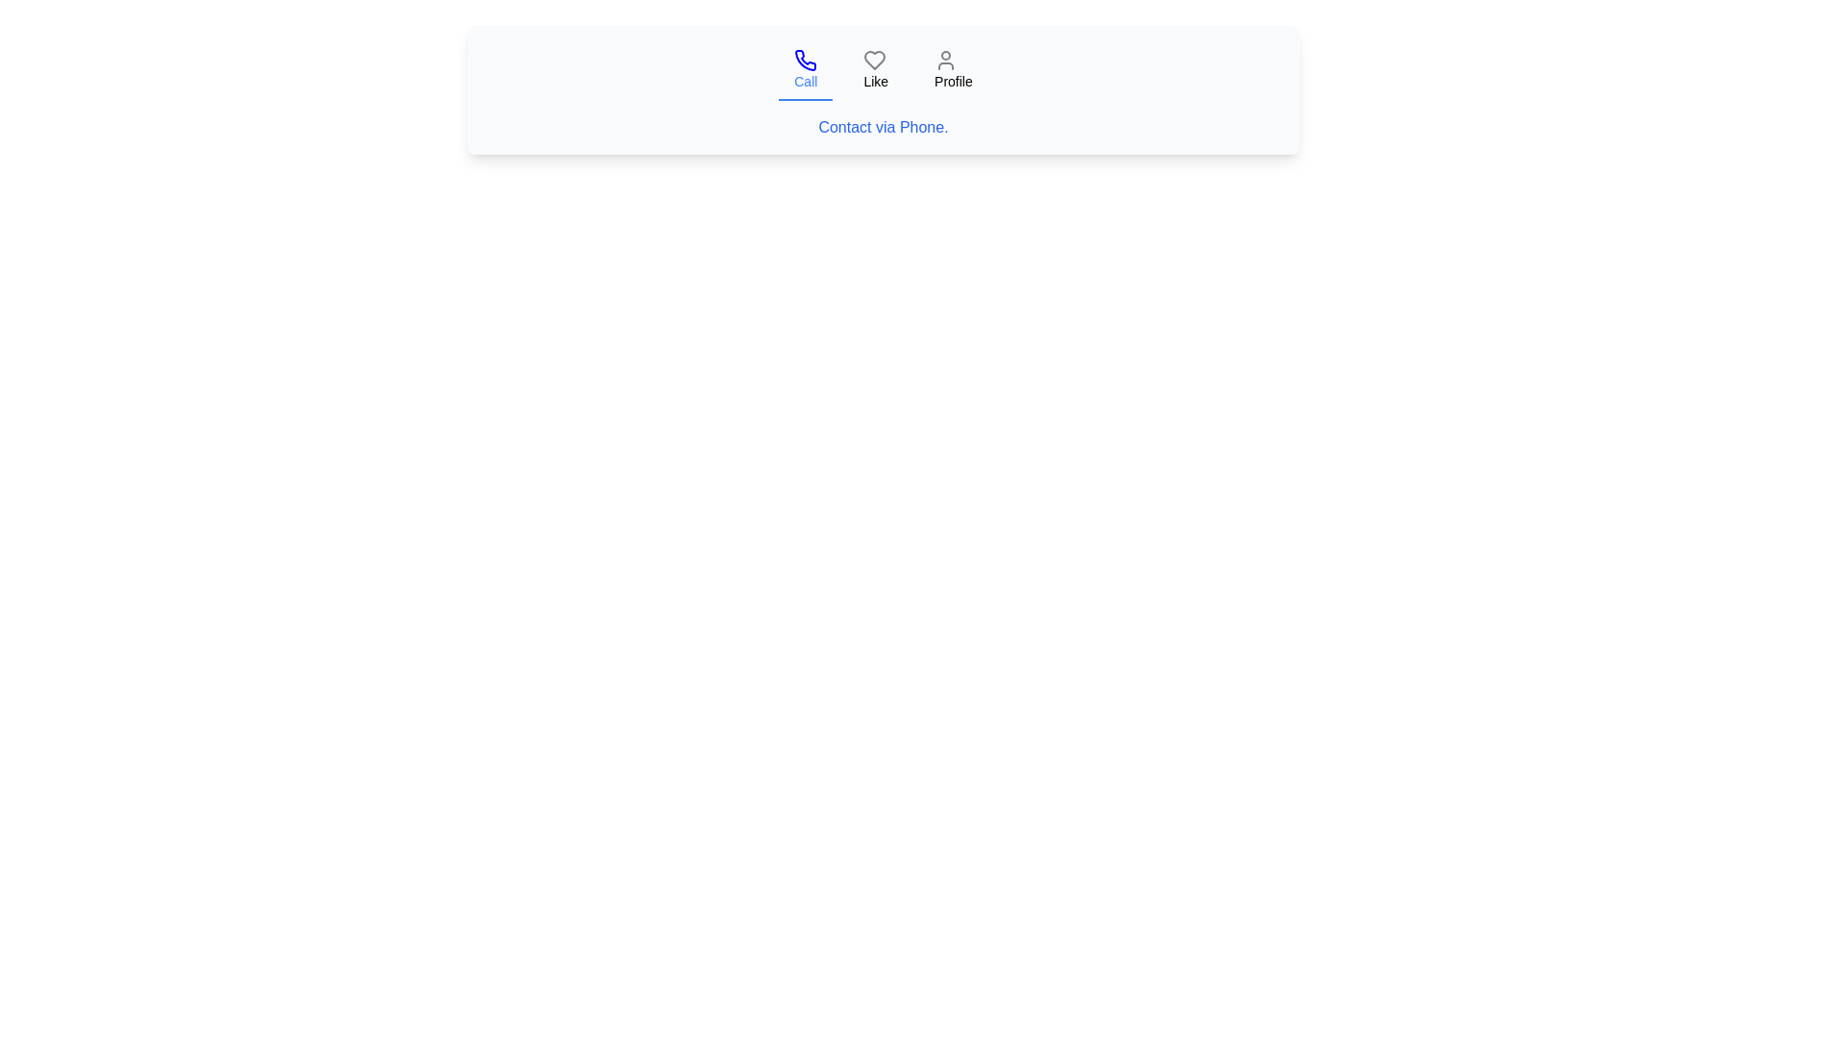 The width and height of the screenshot is (1846, 1038). I want to click on the 'Call' button with a phone icon to trigger the tooltip or animation, so click(806, 69).